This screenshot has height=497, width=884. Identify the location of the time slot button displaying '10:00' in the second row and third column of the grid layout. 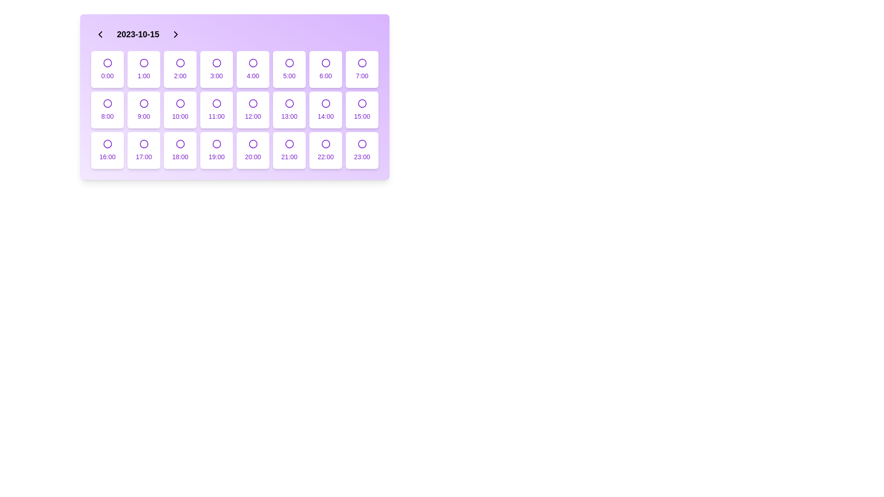
(180, 110).